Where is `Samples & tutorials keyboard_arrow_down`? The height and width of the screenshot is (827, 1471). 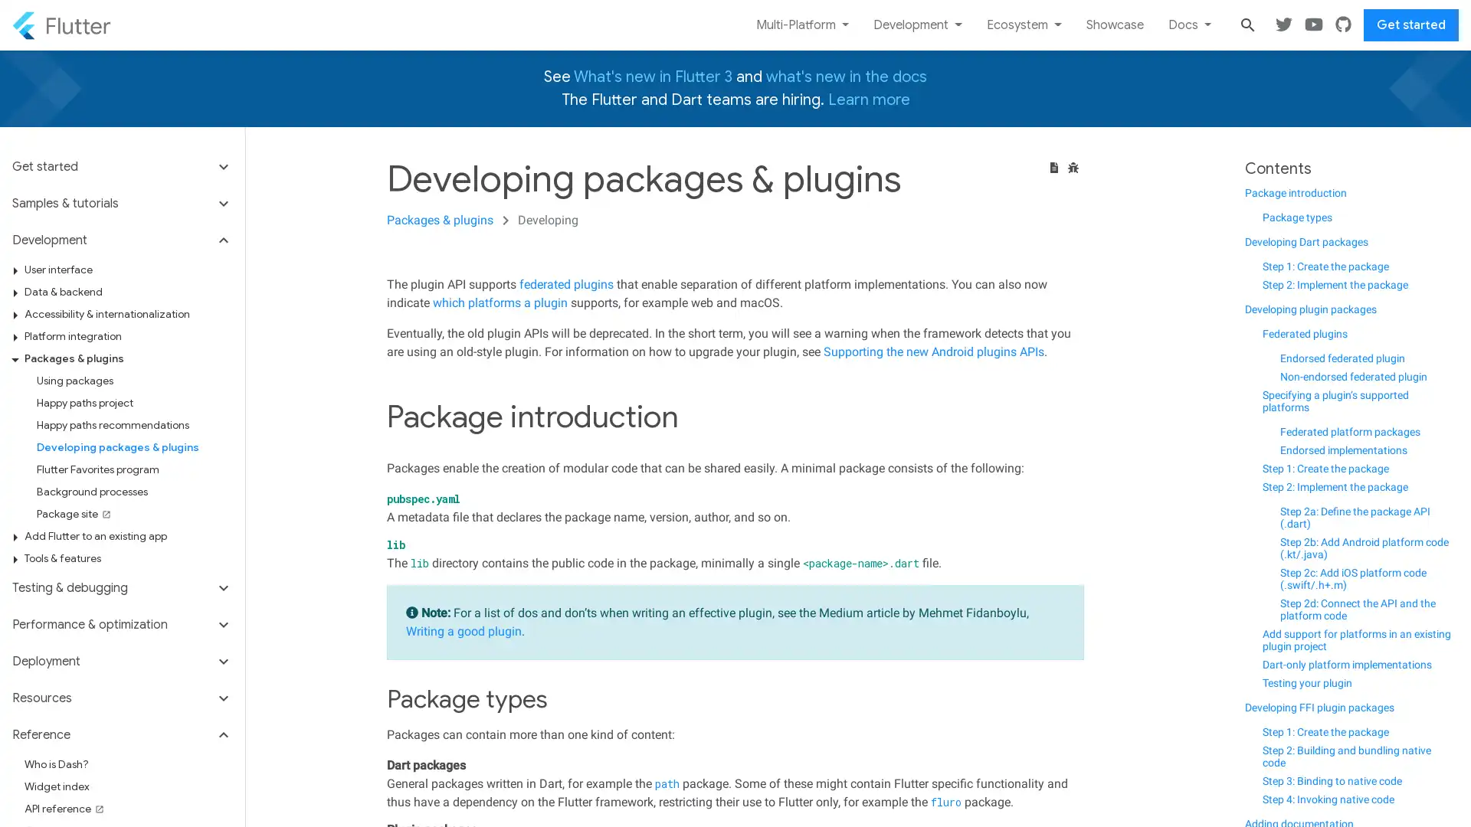 Samples & tutorials keyboard_arrow_down is located at coordinates (121, 203).